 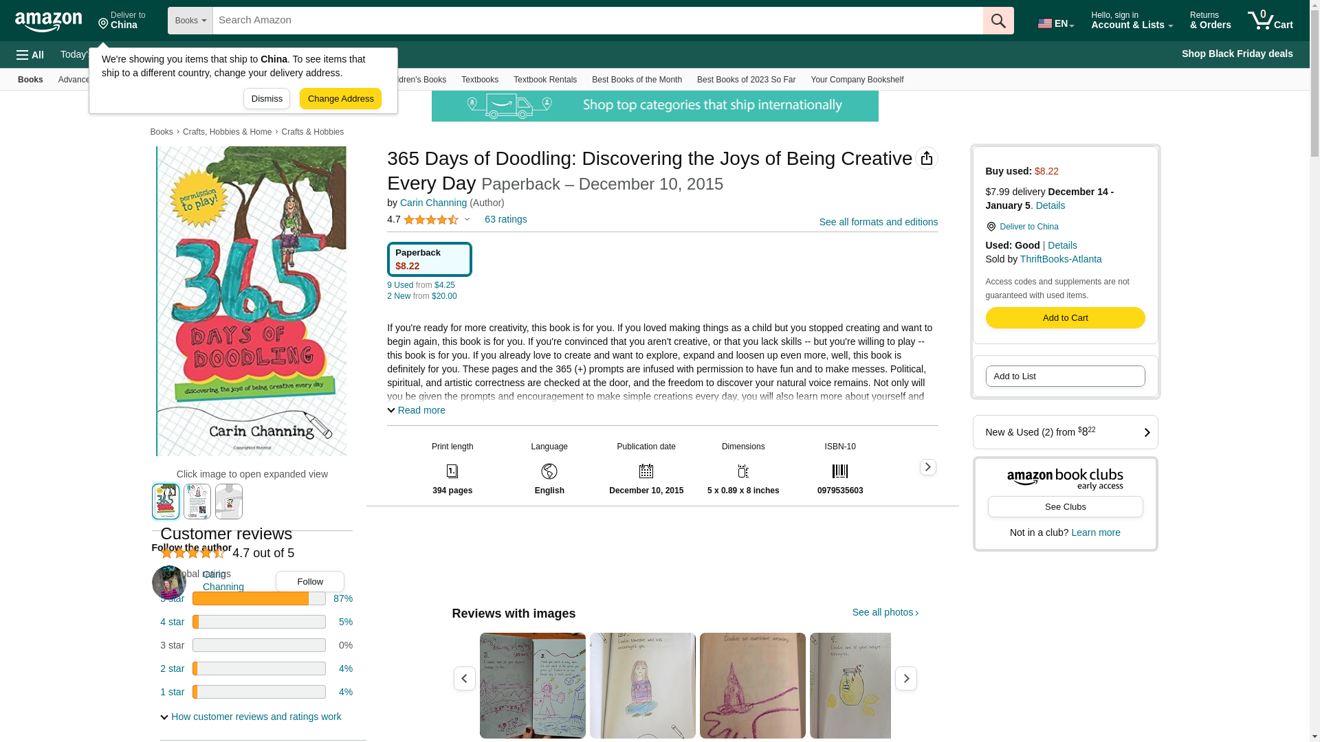 What do you see at coordinates (181, 132) in the screenshot?
I see `'Crafts, Hobbies & Home'` at bounding box center [181, 132].